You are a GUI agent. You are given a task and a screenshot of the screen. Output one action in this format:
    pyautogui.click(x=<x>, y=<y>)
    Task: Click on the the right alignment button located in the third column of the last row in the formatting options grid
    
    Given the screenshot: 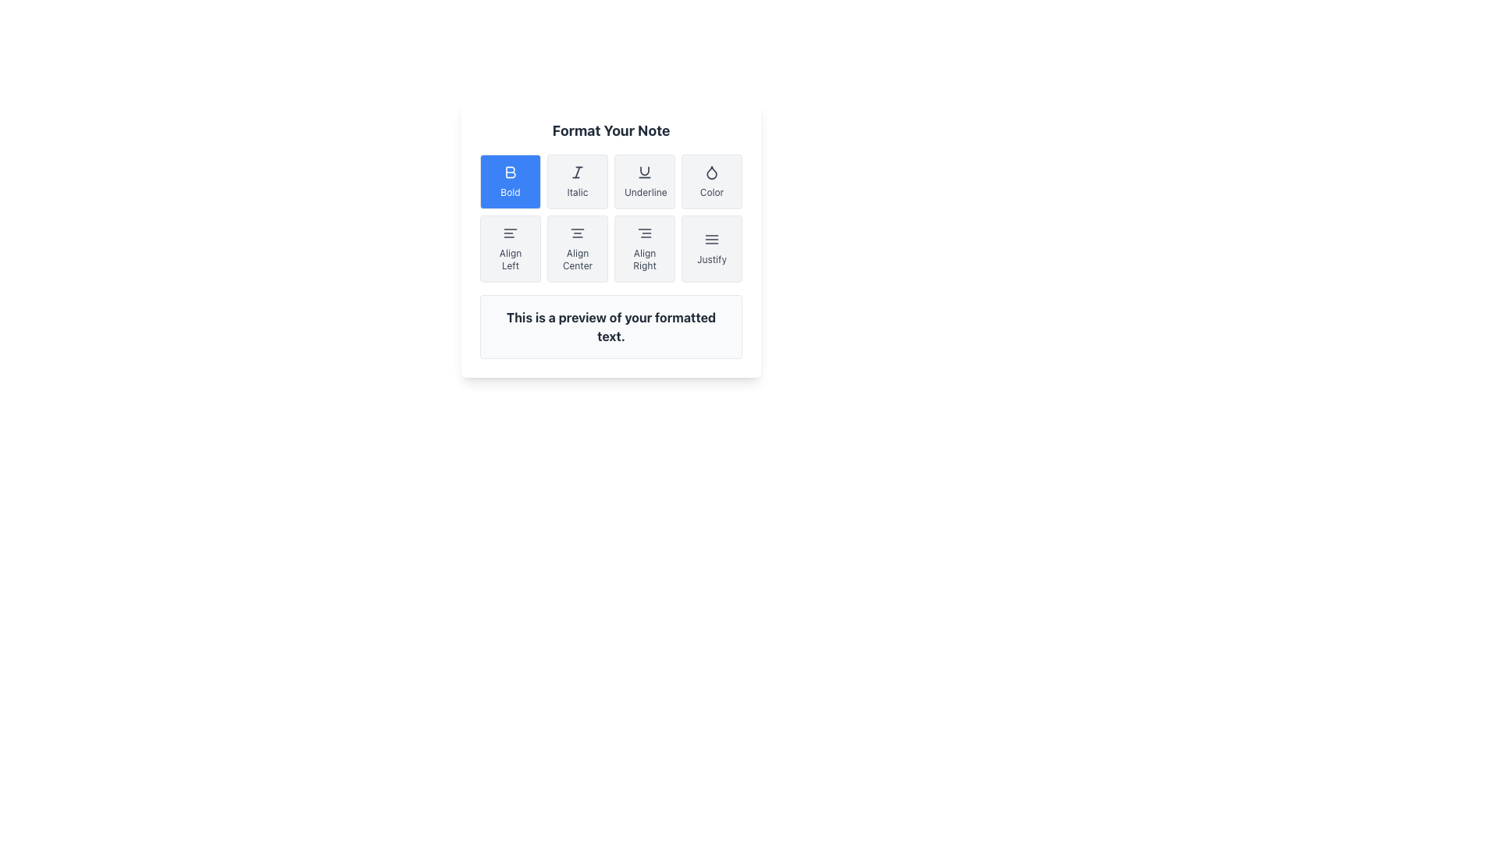 What is the action you would take?
    pyautogui.click(x=644, y=248)
    